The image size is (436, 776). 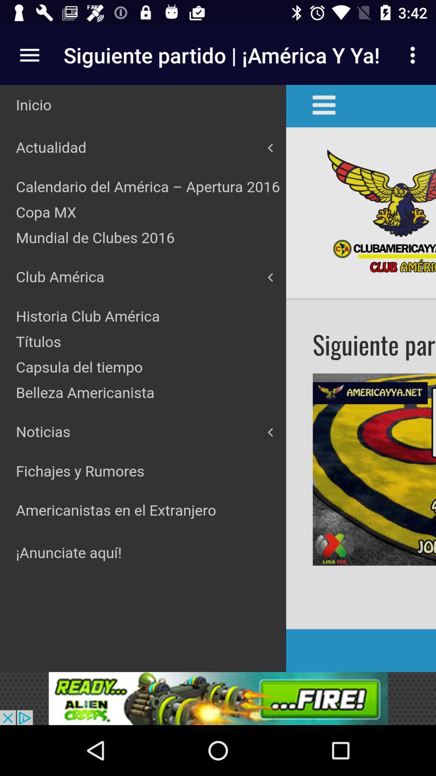 I want to click on alien creeps advertisement, so click(x=218, y=698).